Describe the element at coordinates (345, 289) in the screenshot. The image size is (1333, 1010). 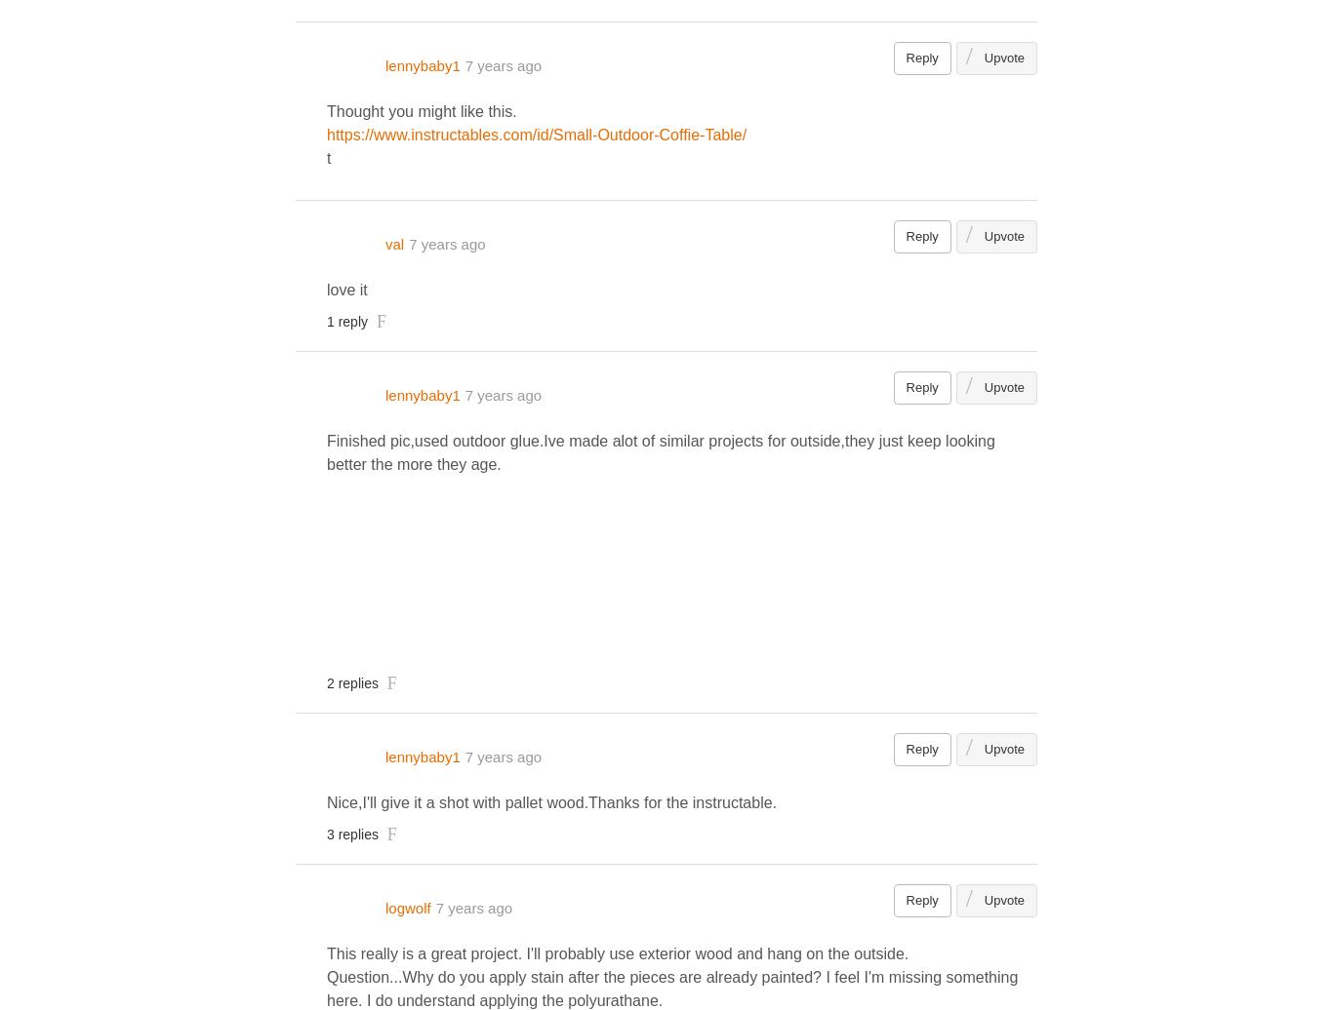
I see `'love it'` at that location.